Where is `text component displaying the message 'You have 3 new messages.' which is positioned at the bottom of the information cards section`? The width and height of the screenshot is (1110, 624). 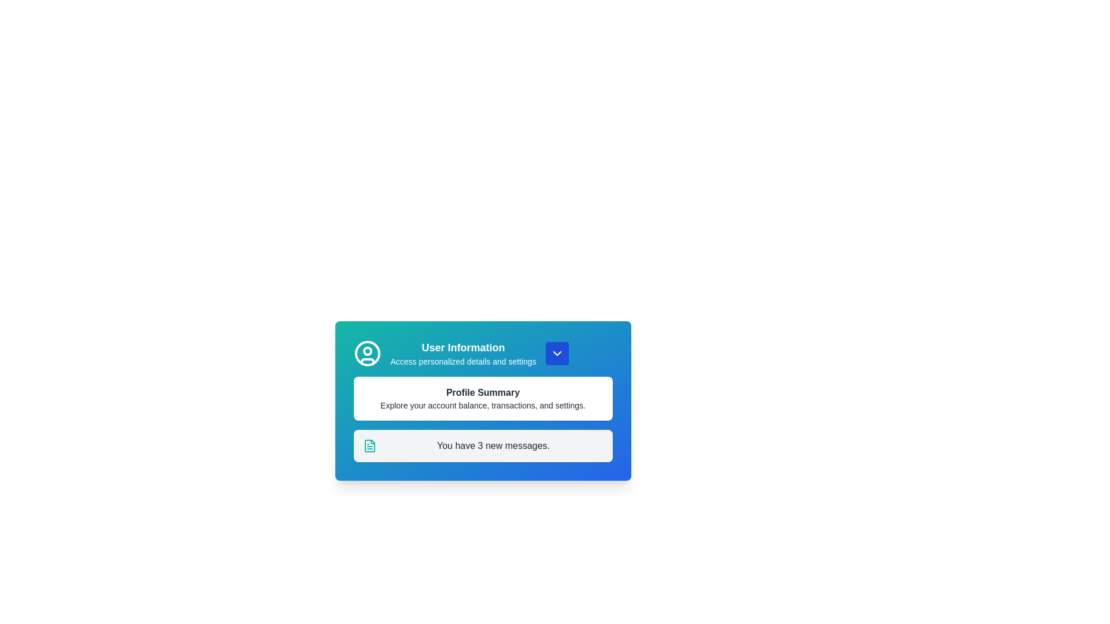
text component displaying the message 'You have 3 new messages.' which is positioned at the bottom of the information cards section is located at coordinates (493, 445).